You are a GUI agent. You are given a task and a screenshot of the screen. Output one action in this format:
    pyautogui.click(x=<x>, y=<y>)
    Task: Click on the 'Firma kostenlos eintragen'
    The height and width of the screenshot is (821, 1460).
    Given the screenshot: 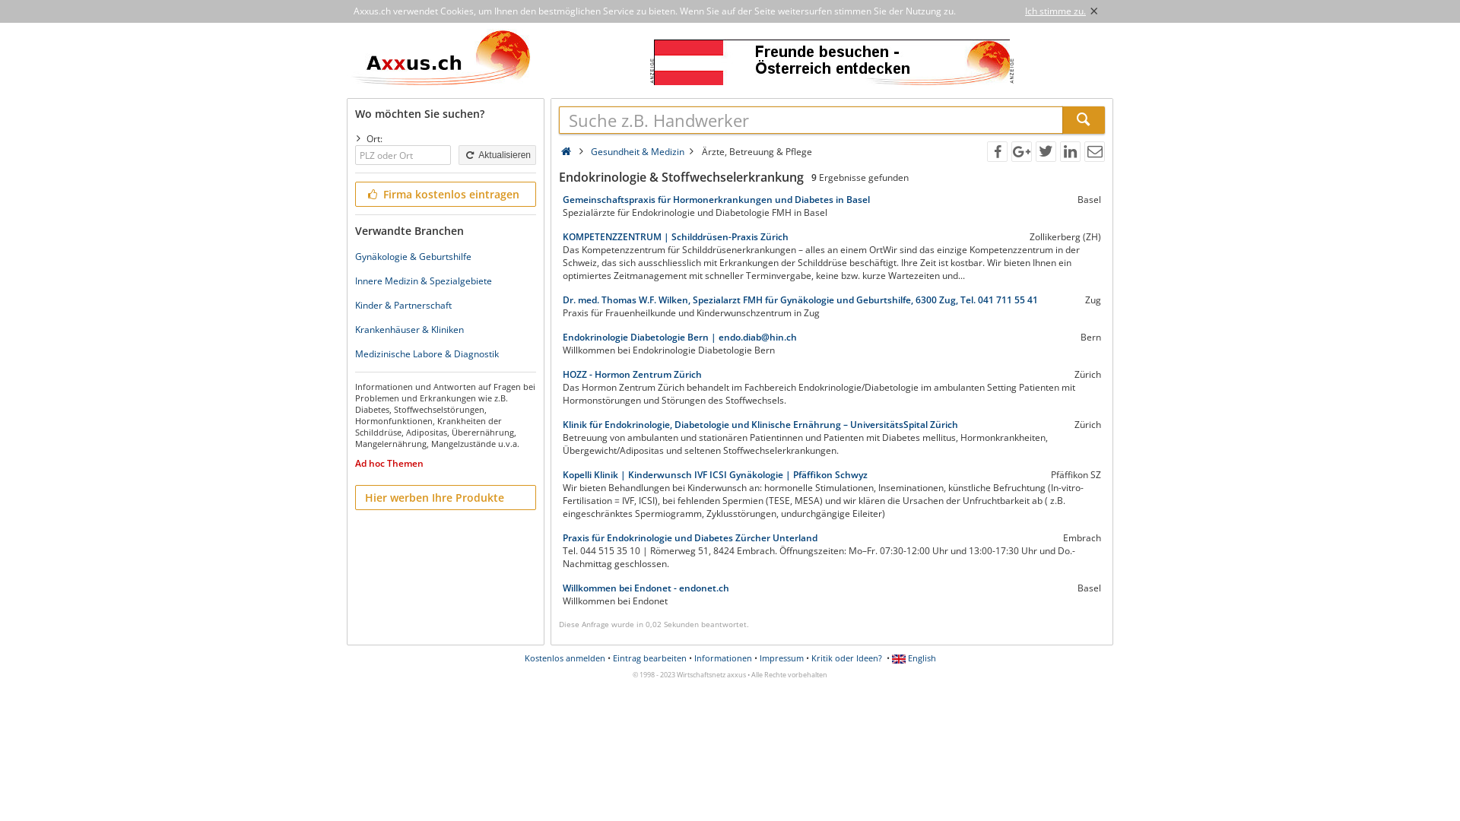 What is the action you would take?
    pyautogui.click(x=444, y=193)
    